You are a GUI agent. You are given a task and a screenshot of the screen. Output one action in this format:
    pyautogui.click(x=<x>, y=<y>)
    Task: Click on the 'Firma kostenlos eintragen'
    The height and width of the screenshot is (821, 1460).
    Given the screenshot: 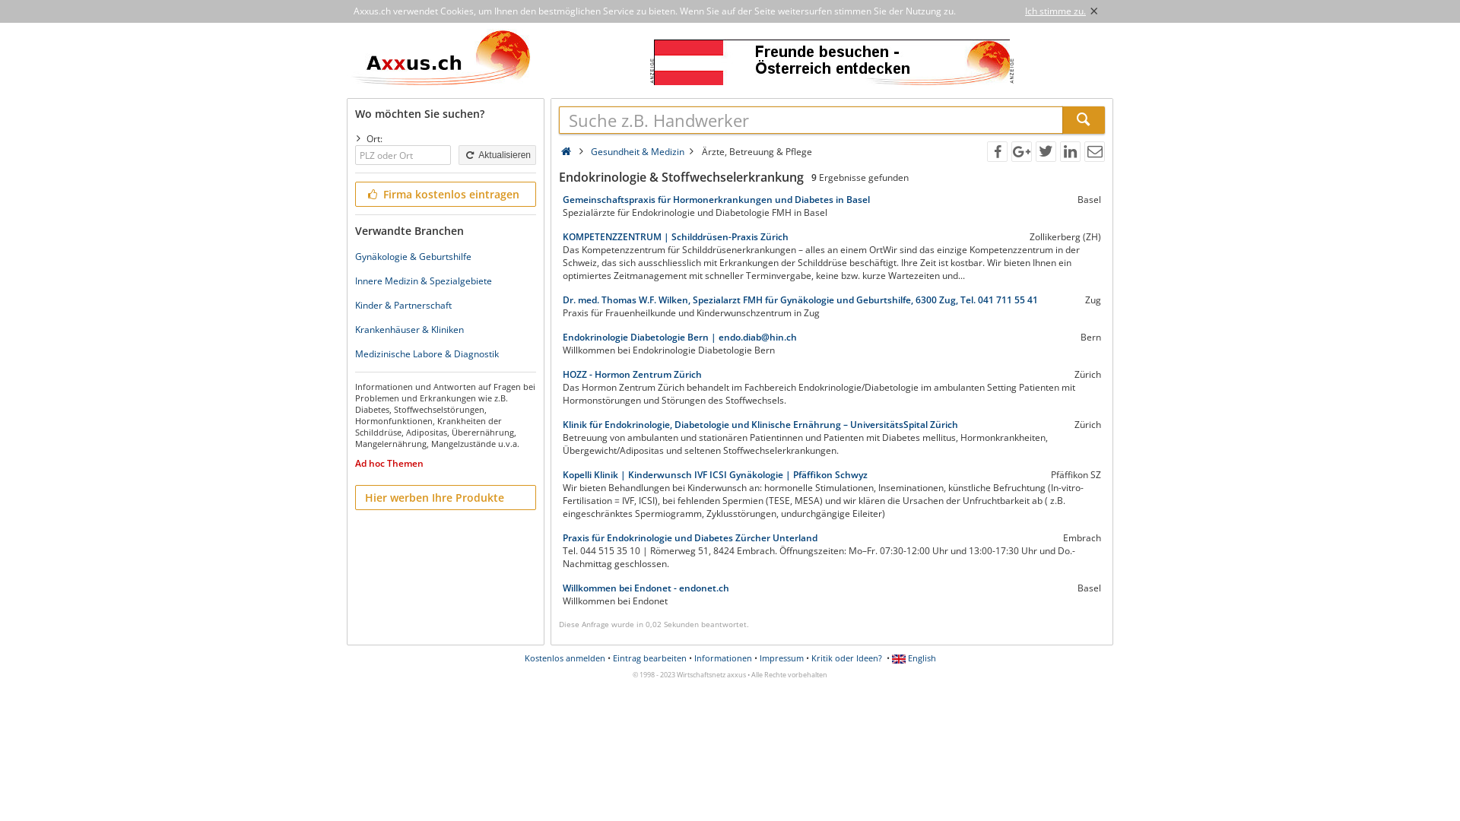 What is the action you would take?
    pyautogui.click(x=444, y=193)
    